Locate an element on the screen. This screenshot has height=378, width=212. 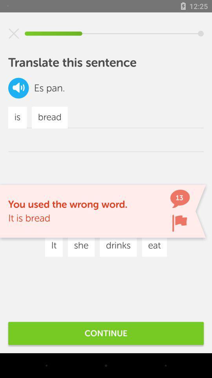
icon to the right of the it is located at coordinates (80, 245).